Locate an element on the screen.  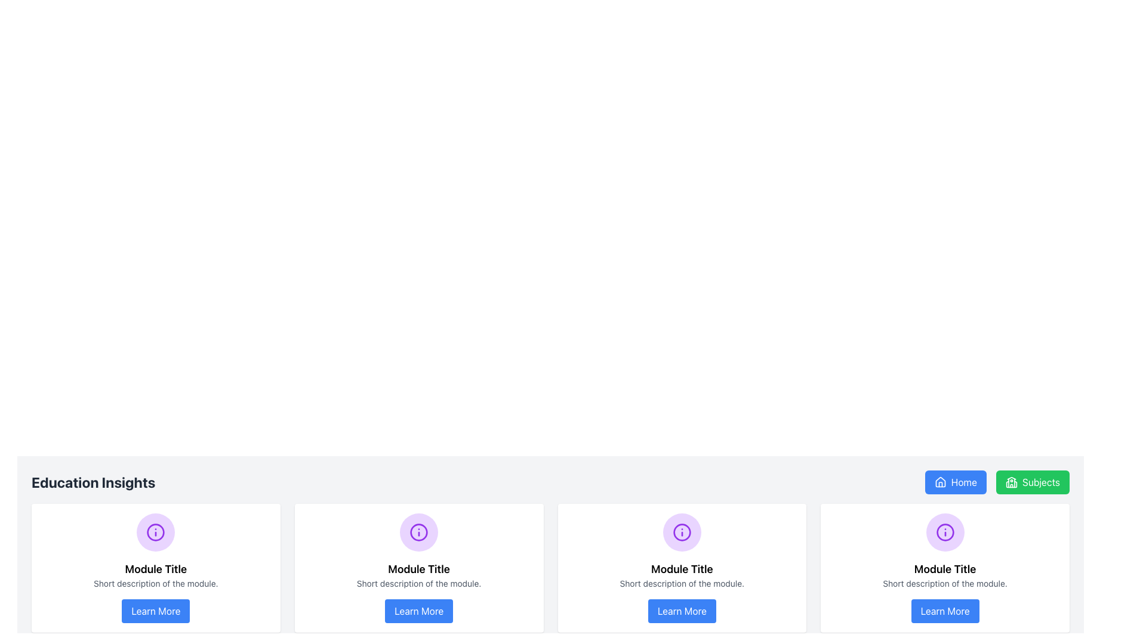
the small house-shaped icon with a green background located within the 'Subjects' button in the upper navigation bar is located at coordinates (1011, 482).